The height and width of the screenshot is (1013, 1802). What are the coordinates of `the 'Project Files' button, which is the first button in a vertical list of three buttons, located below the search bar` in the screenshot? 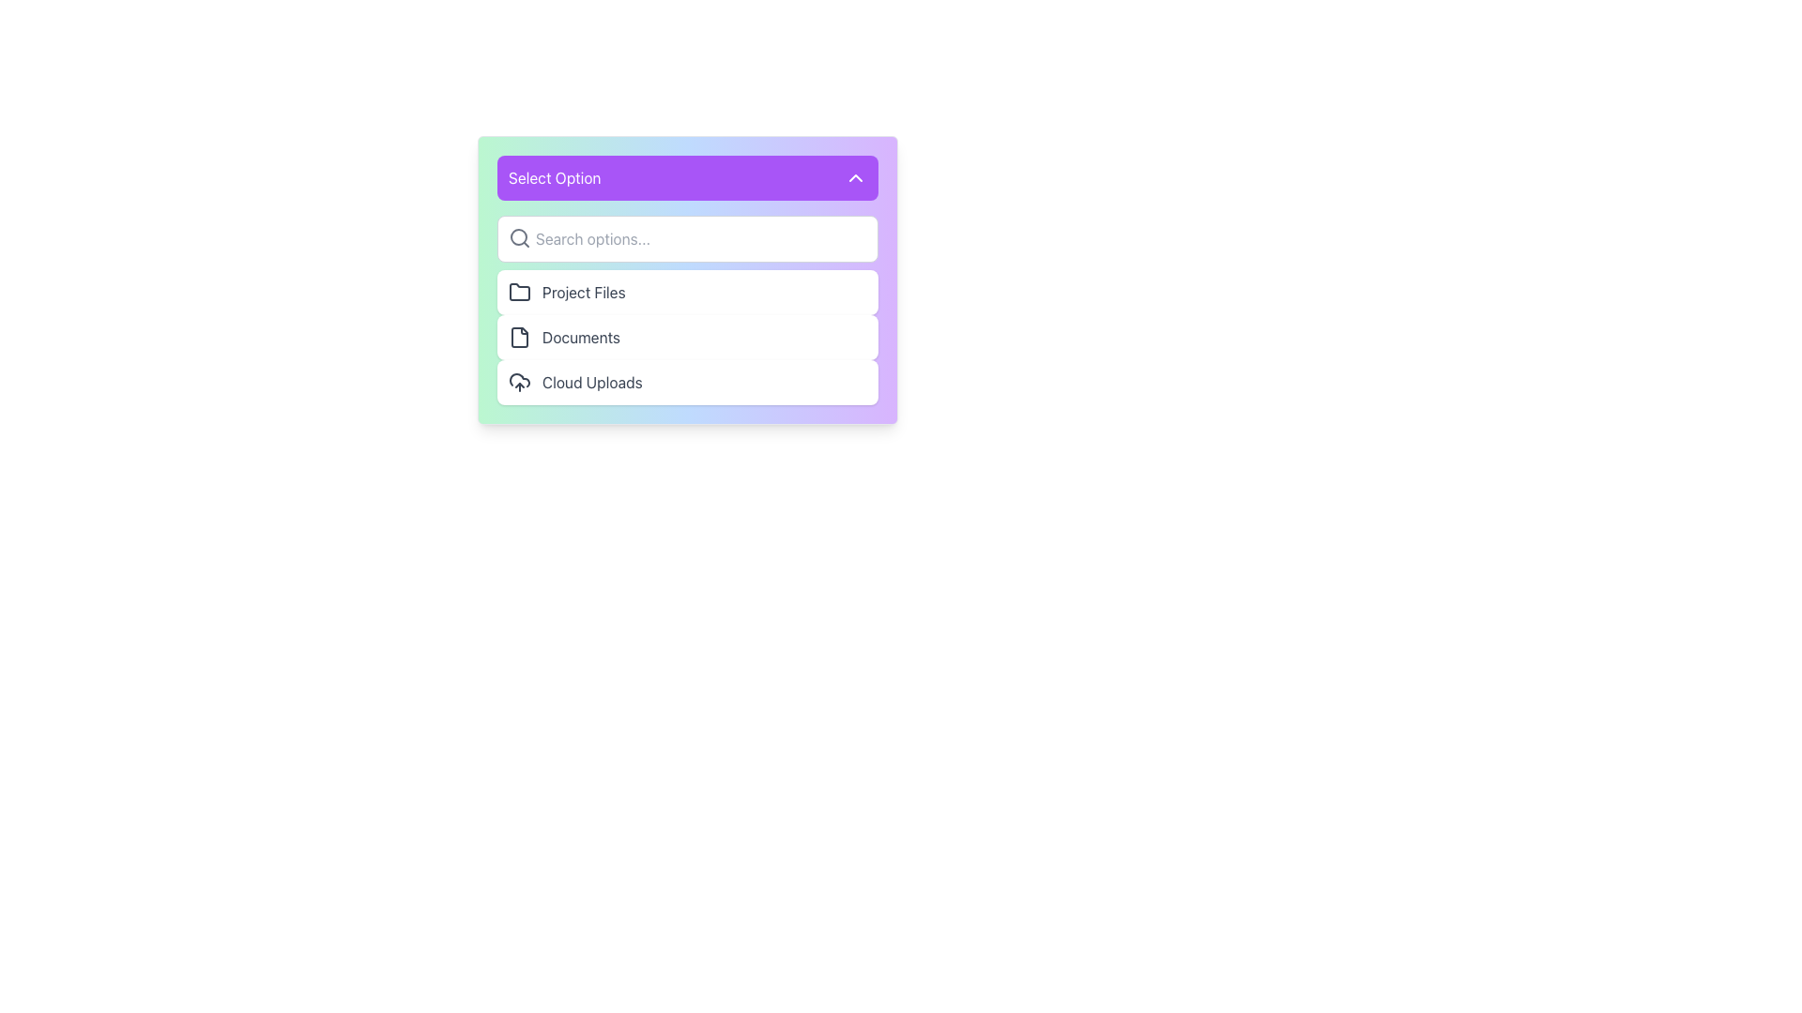 It's located at (687, 293).